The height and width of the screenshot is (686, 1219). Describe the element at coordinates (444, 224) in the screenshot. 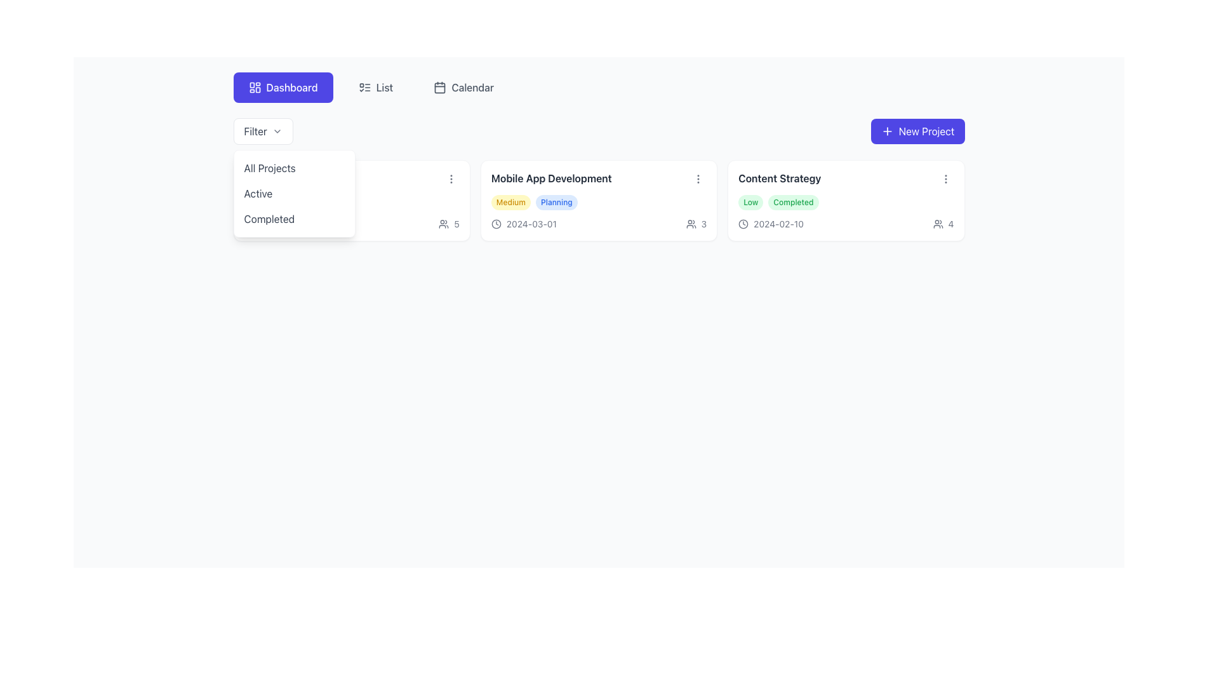

I see `the collaborator icon located to the left of the number '5' in the card labeled 'Mobile App Development'` at that location.